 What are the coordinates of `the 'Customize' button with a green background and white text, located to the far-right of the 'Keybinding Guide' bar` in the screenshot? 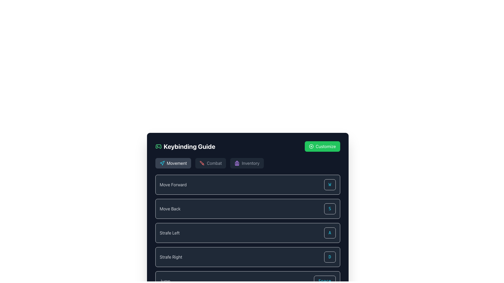 It's located at (322, 146).